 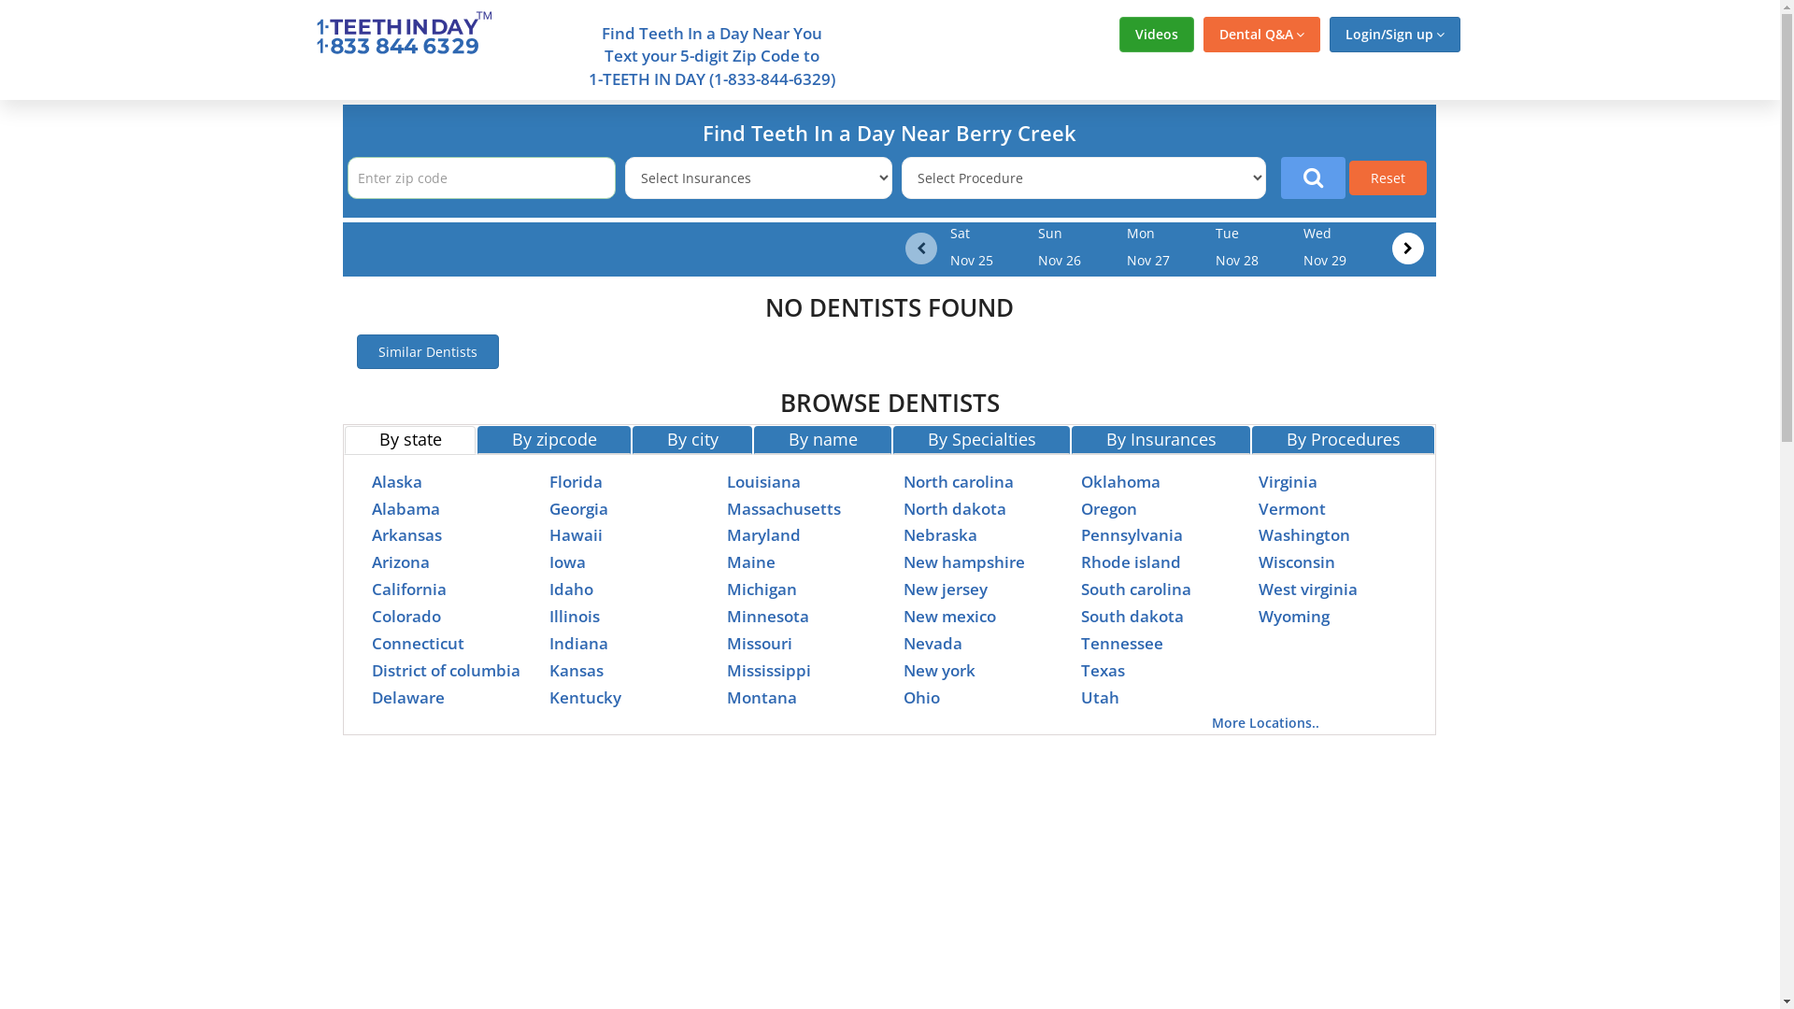 What do you see at coordinates (1394, 35) in the screenshot?
I see `'Login/Sign up'` at bounding box center [1394, 35].